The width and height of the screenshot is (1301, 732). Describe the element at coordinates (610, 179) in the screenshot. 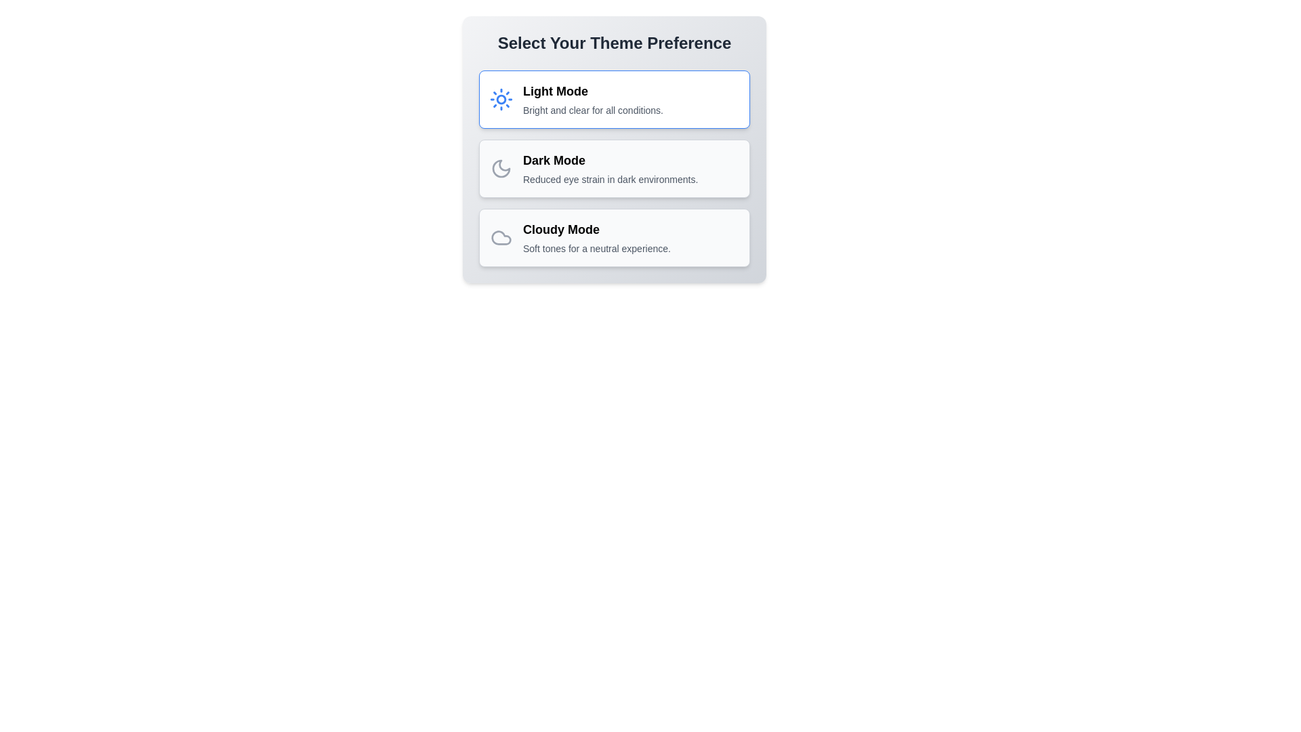

I see `static text label that says 'Reduced eye strain in dark environments.' located below the heading 'Dark Mode' in the theme preference panel` at that location.